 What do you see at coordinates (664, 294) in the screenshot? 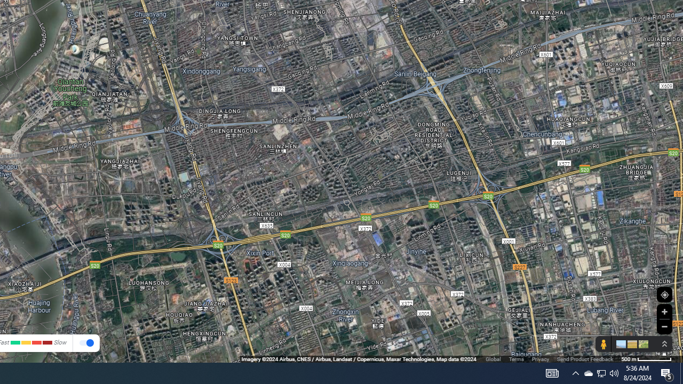
I see `'Show Your Location'` at bounding box center [664, 294].